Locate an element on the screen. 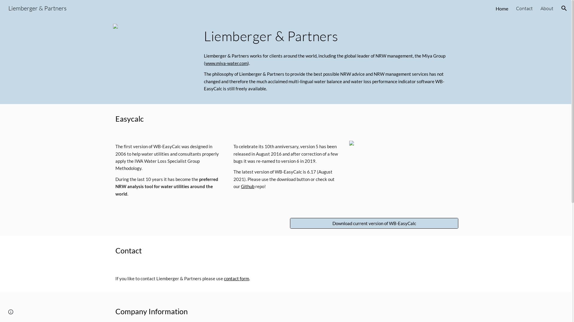 This screenshot has height=322, width=574. 'Liemberger & Partners' is located at coordinates (37, 7).